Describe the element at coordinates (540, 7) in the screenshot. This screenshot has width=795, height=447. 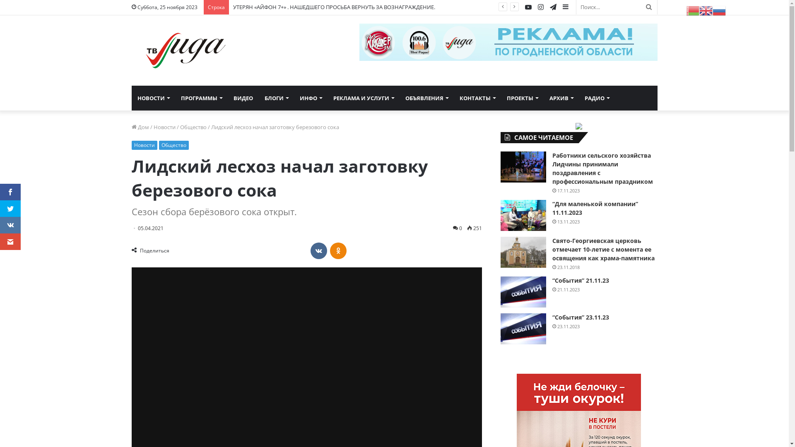
I see `'Instagram'` at that location.